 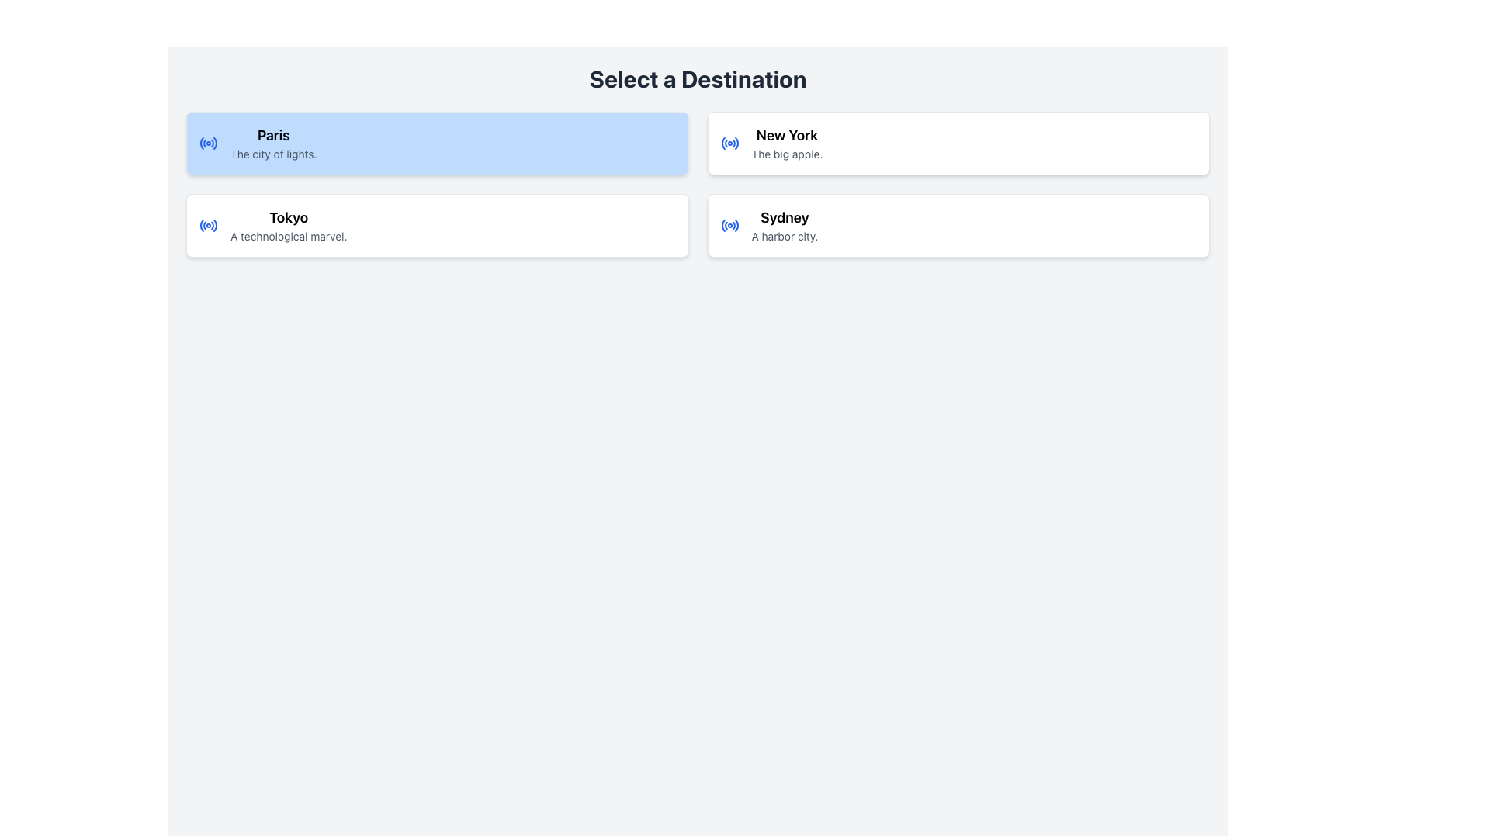 What do you see at coordinates (273, 134) in the screenshot?
I see `the 'Paris' text label which serves as the title for the selectable option in the left column of city options` at bounding box center [273, 134].